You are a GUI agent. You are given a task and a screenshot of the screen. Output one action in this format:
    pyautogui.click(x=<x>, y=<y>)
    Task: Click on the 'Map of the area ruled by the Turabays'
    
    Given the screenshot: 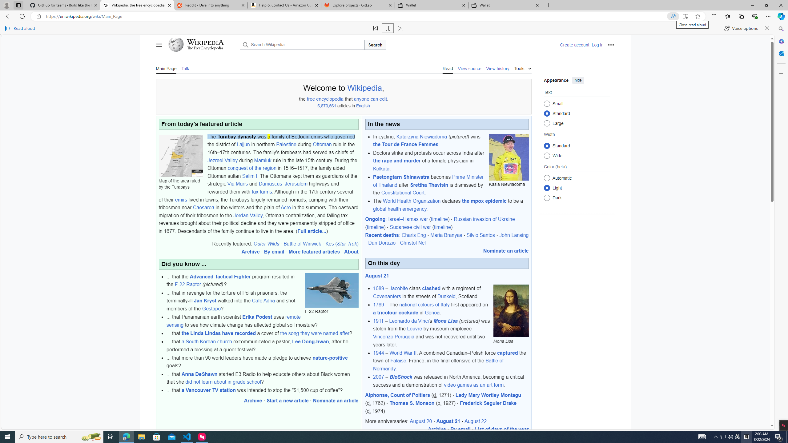 What is the action you would take?
    pyautogui.click(x=181, y=156)
    